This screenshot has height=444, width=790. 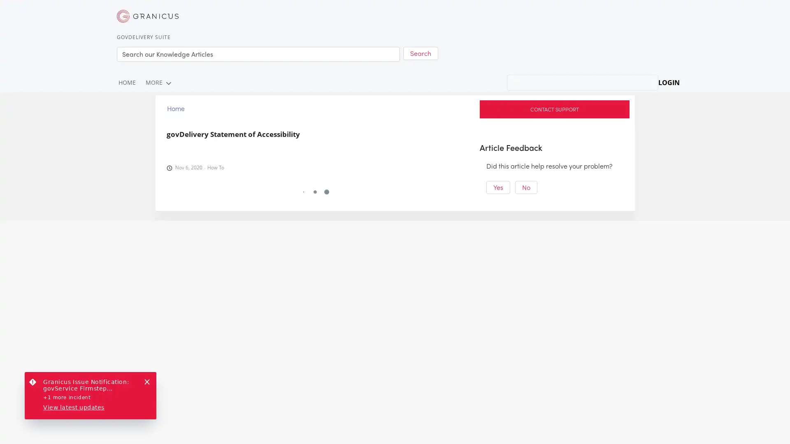 I want to click on No, so click(x=525, y=187).